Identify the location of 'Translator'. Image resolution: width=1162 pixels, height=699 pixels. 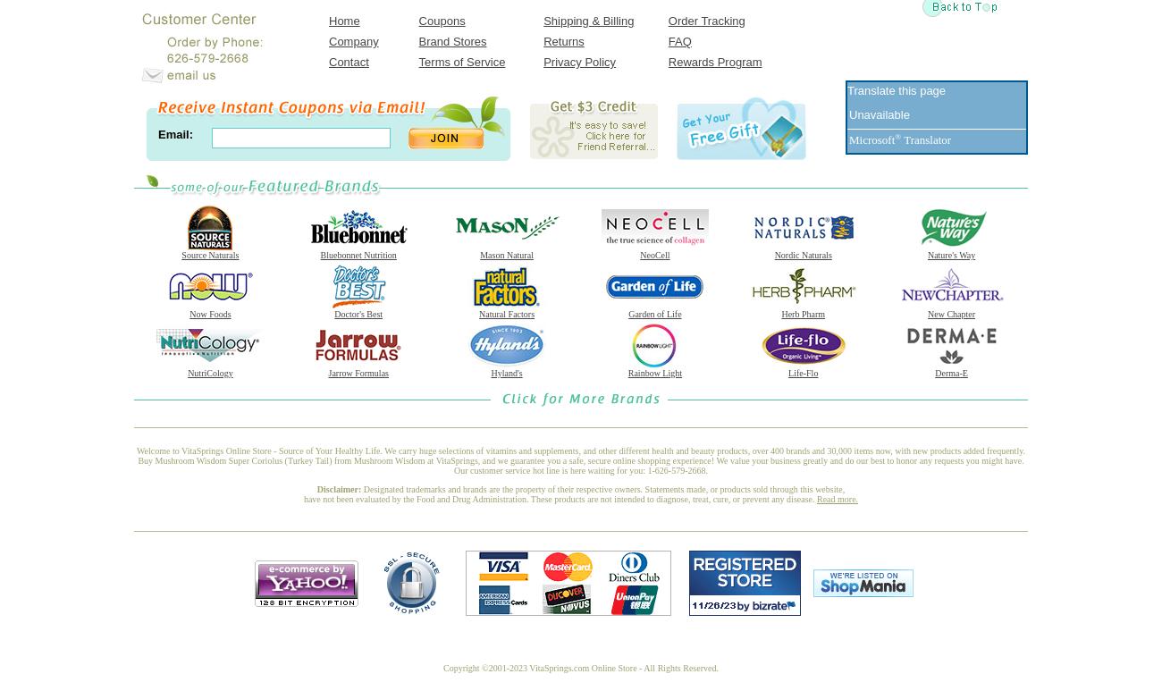
(925, 139).